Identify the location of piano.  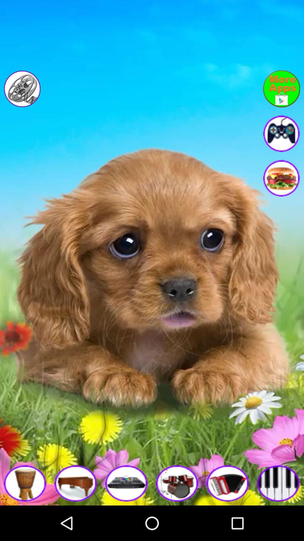
(76, 483).